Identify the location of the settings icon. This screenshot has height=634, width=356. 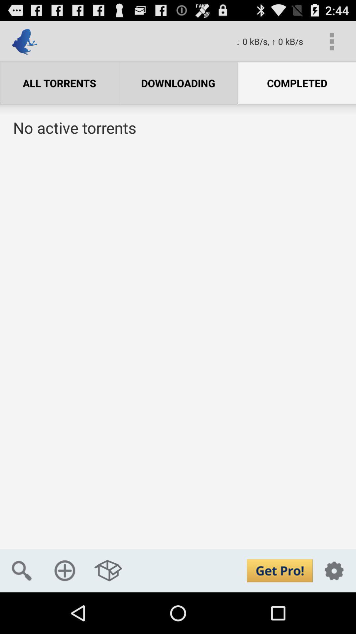
(334, 610).